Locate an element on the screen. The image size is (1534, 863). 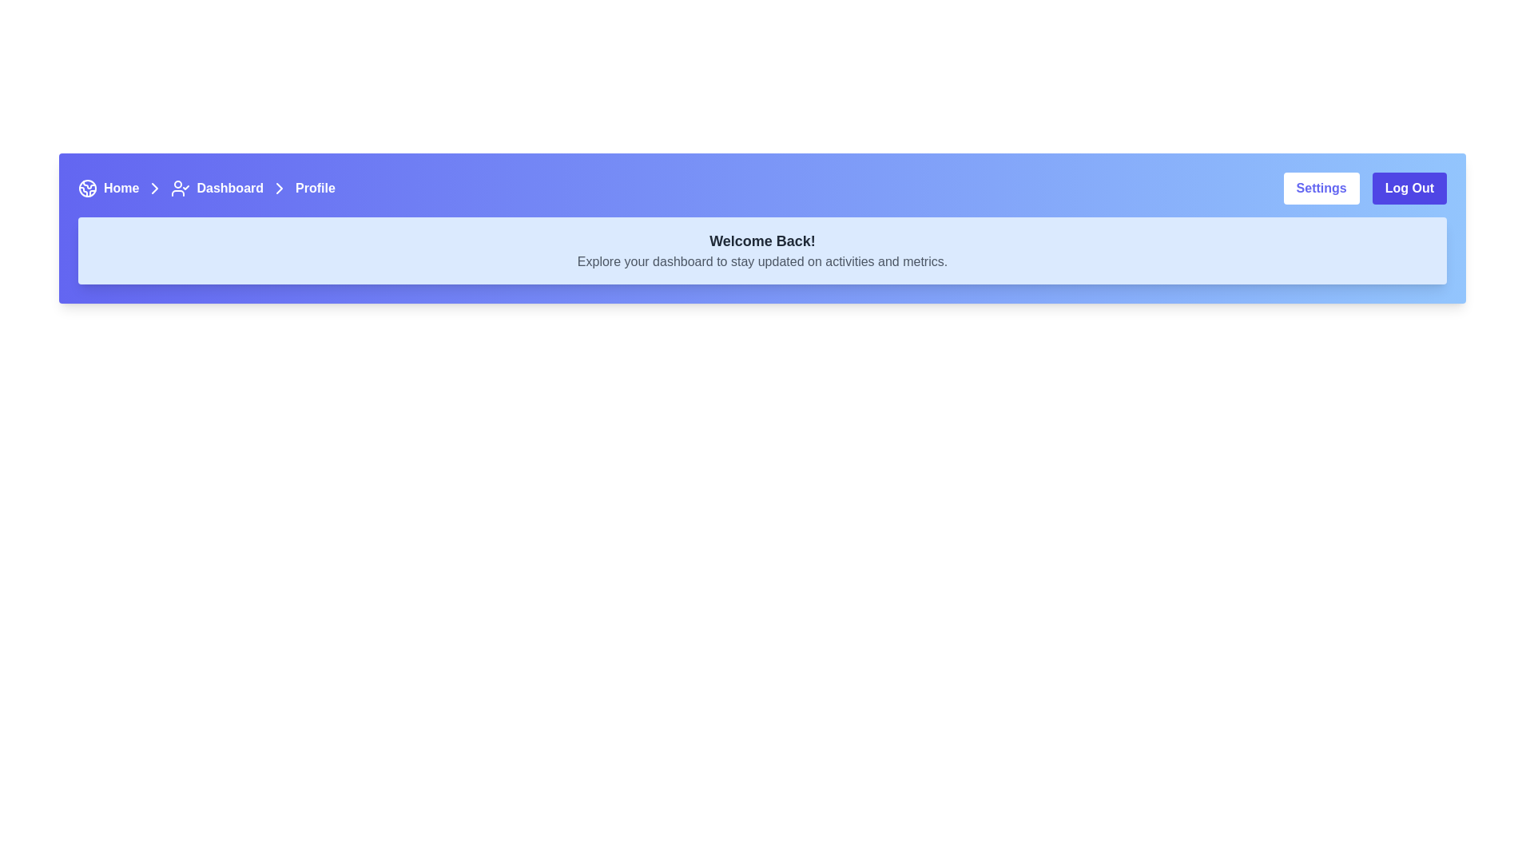
the 'Dashboard' breadcrumb navigation item in the horizontal breadcrumb trail is located at coordinates (232, 187).